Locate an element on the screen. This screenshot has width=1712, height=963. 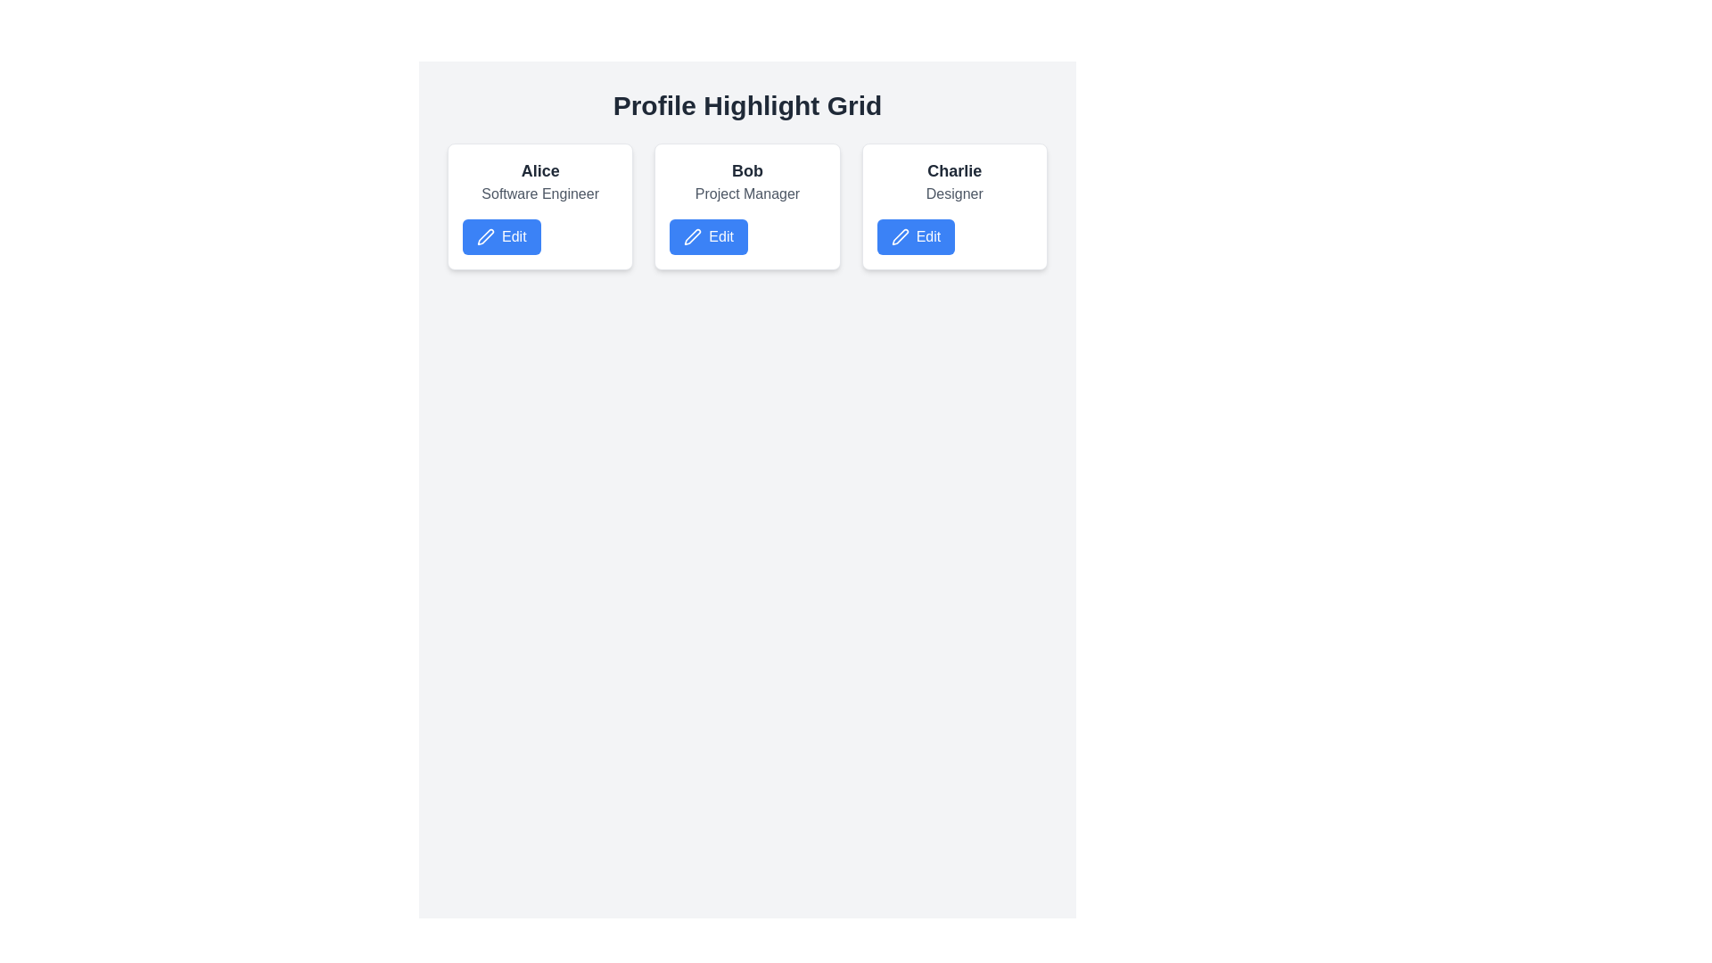
the text label at the top of the rightmost card in the horizontal grid layout, which identifies an individual or entity is located at coordinates (953, 171).